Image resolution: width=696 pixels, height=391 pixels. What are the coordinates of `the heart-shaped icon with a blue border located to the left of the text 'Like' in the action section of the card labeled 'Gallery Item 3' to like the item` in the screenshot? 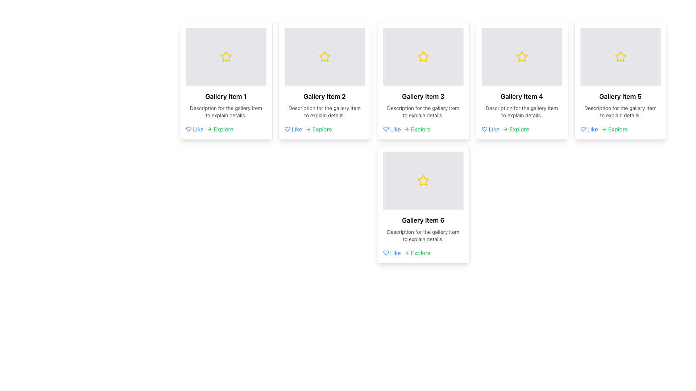 It's located at (385, 129).